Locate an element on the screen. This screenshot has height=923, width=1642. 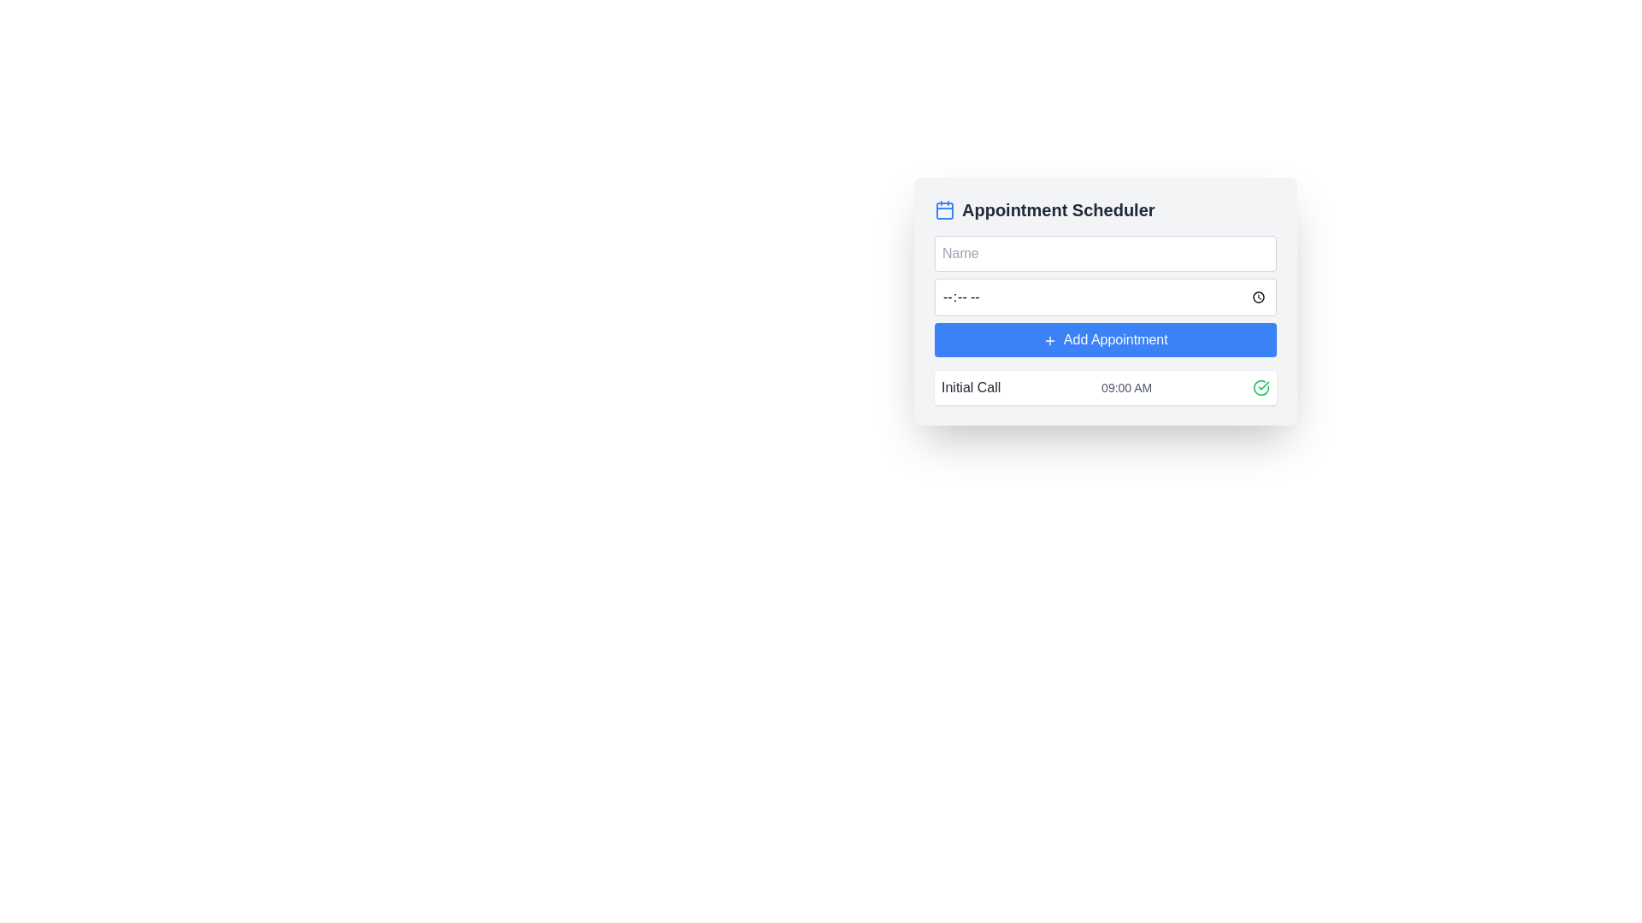
the Text label that serves as a title for the scheduling appointments section, located to the right of the calendar icon in the header section is located at coordinates (1057, 209).